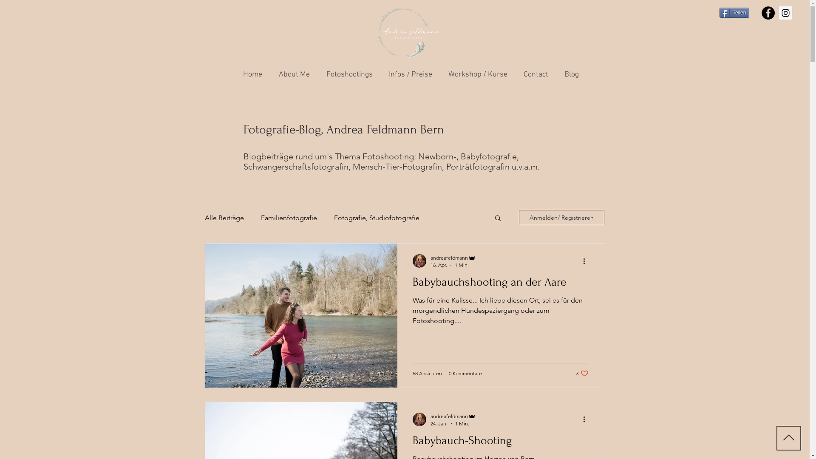  Describe the element at coordinates (316, 74) in the screenshot. I see `'Fotoshootings'` at that location.